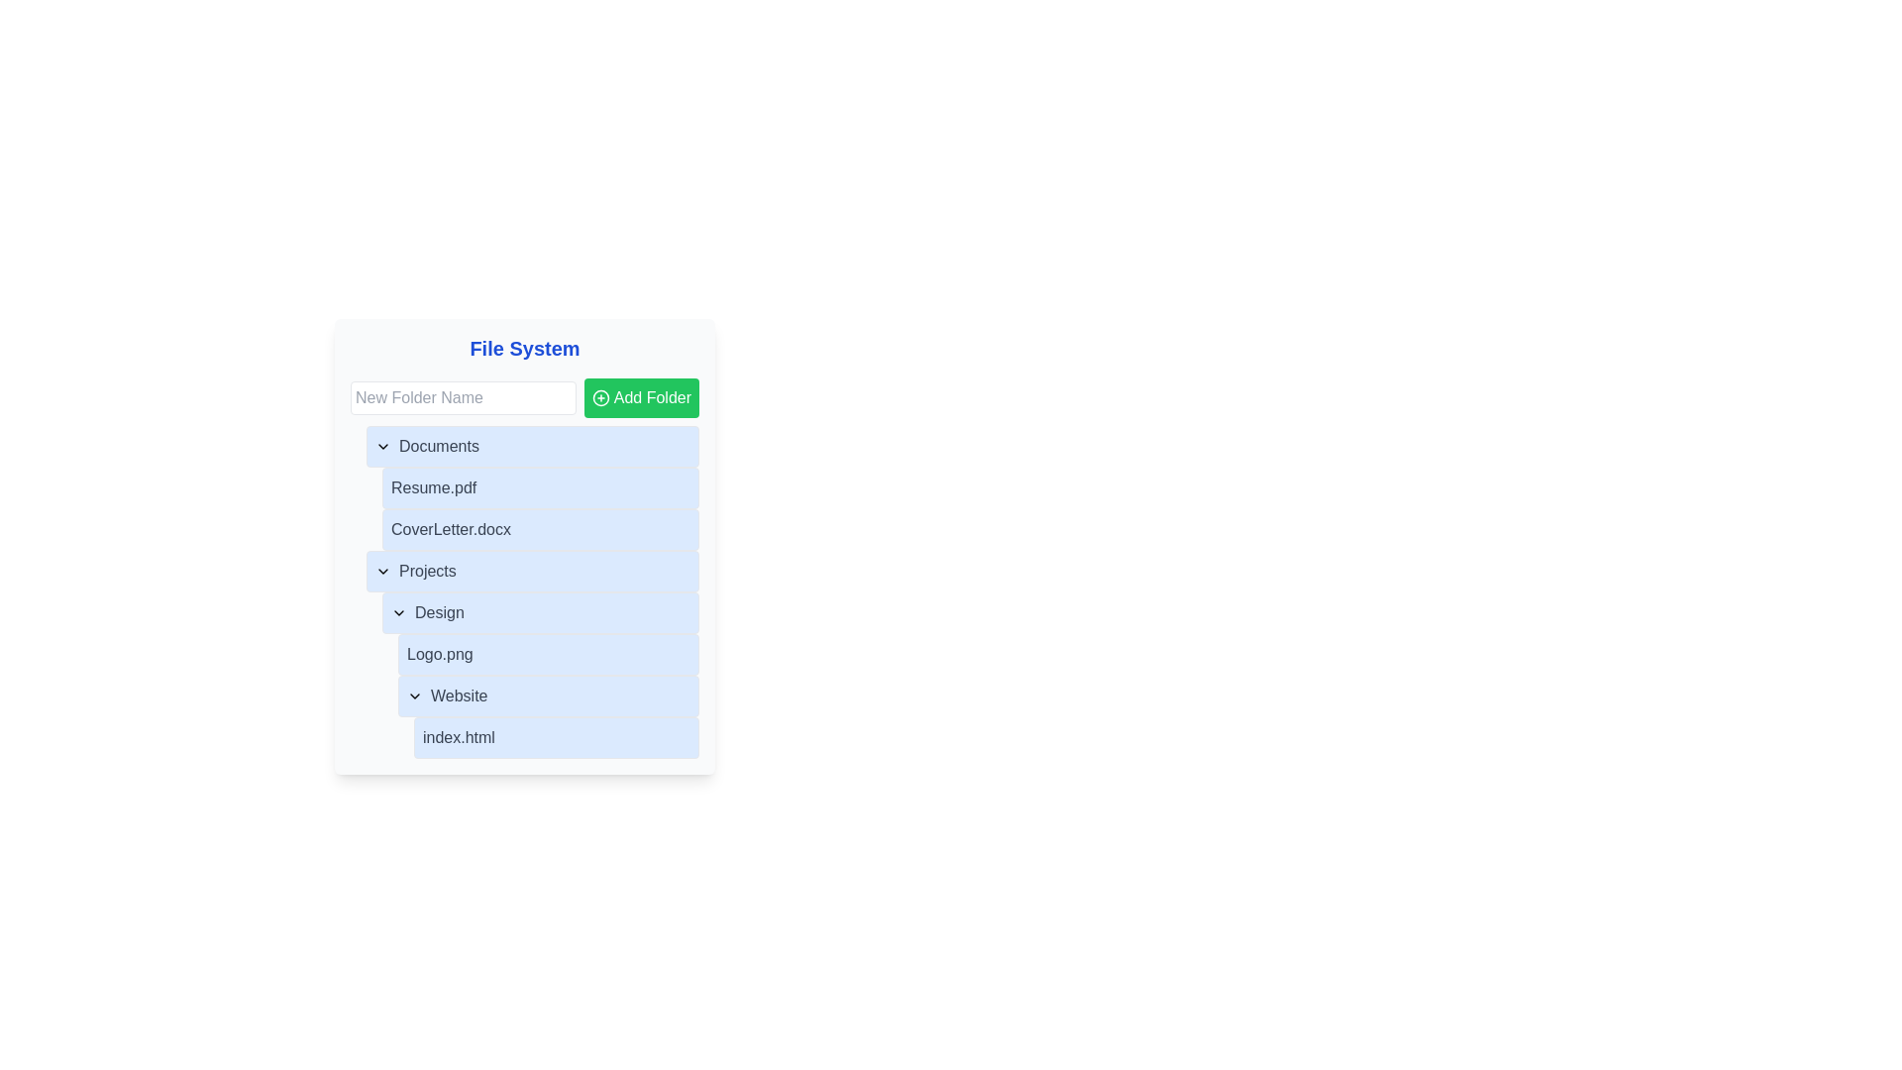 This screenshot has width=1902, height=1070. Describe the element at coordinates (386, 447) in the screenshot. I see `the downward-pointing chevron icon located to the left of the 'Documents' text in the file browser` at that location.